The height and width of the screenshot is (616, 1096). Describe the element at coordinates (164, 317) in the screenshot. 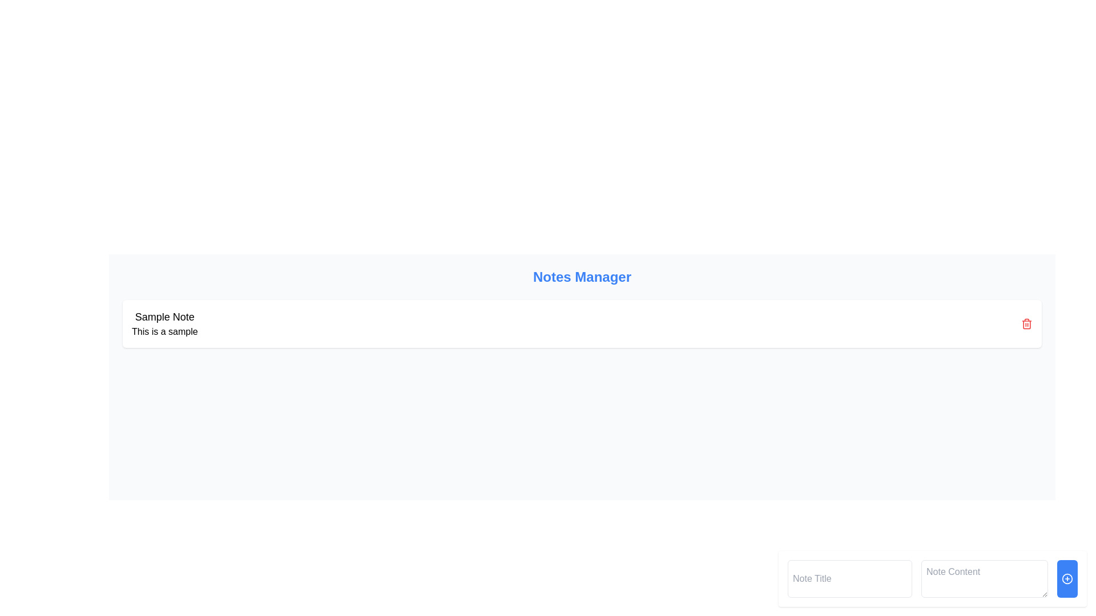

I see `the Text label that serves as the title or identifier for the associated card, positioned at the top of the rectangular white card` at that location.